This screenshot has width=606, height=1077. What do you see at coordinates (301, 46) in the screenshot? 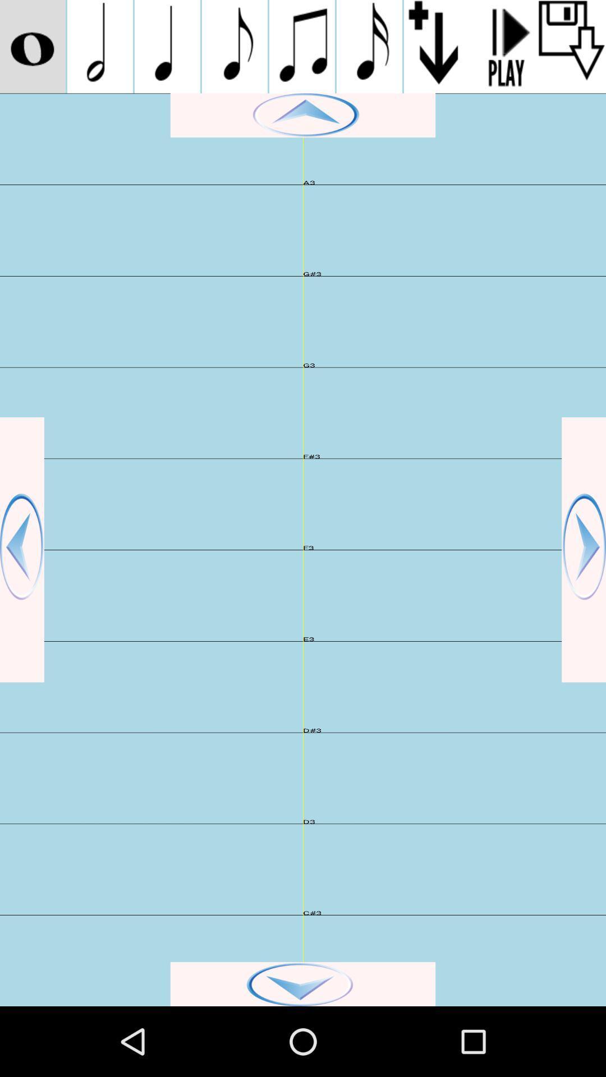
I see `music note` at bounding box center [301, 46].